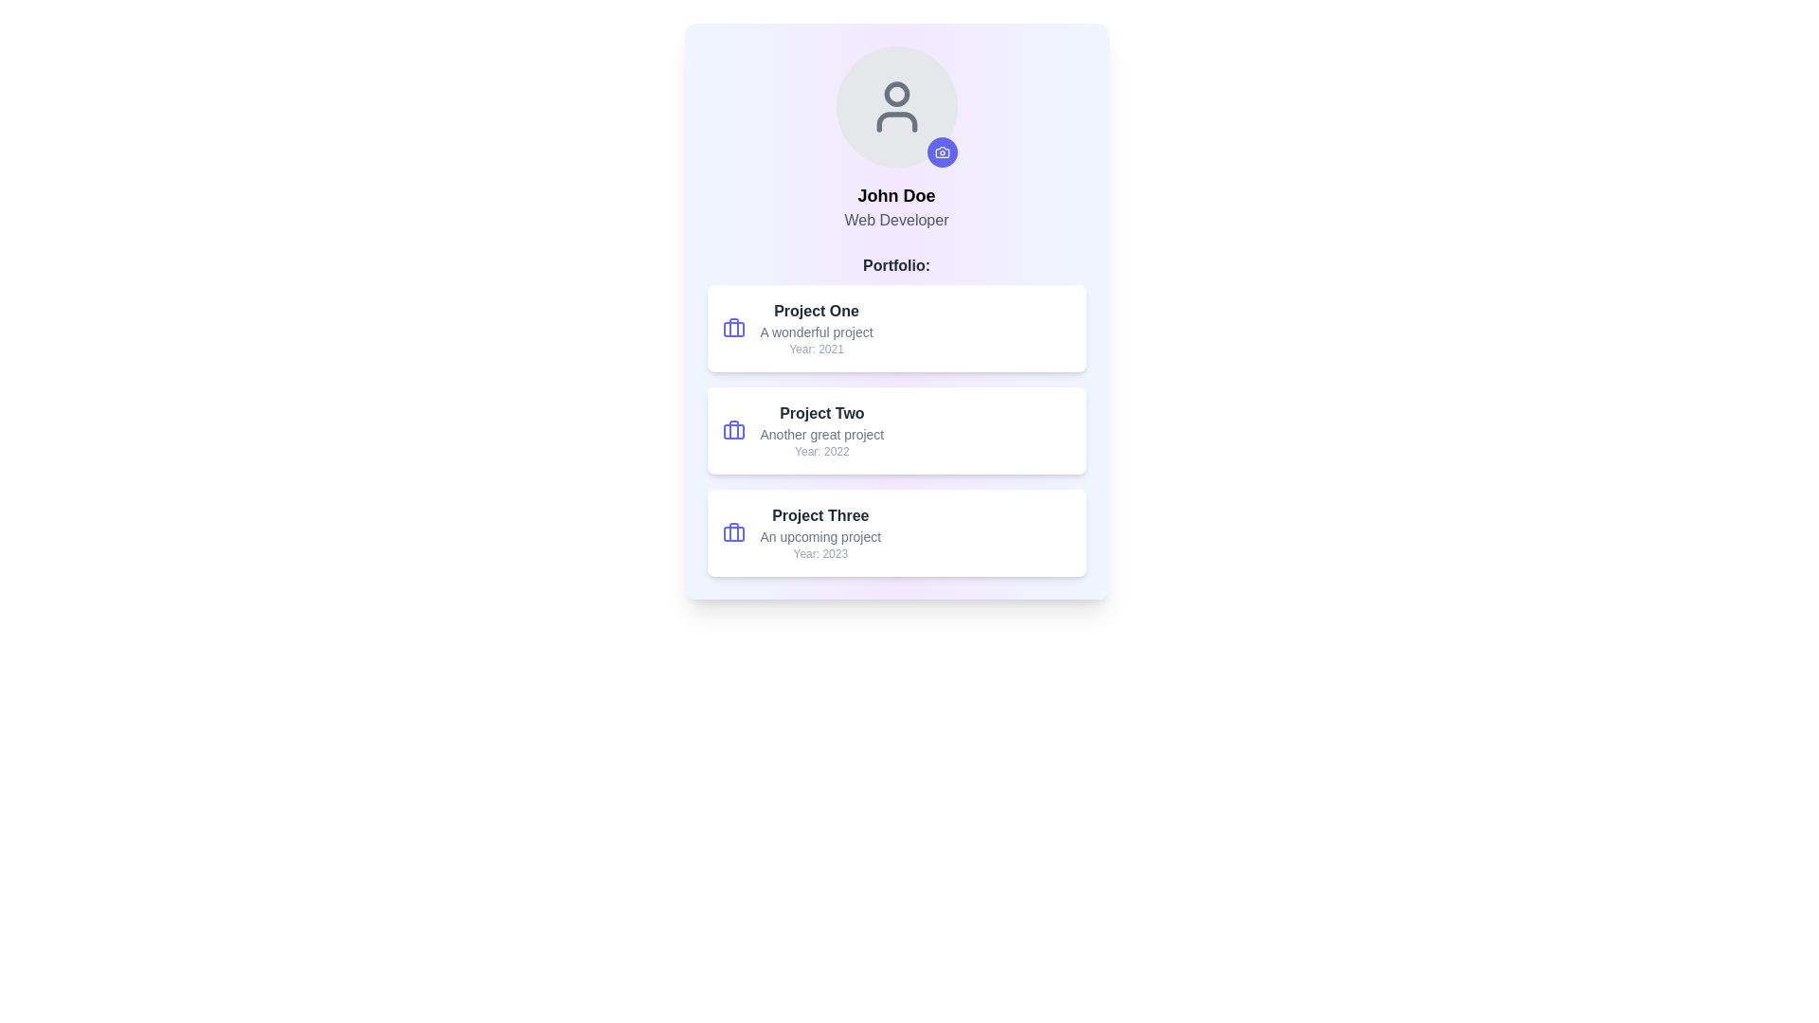 The image size is (1819, 1023). What do you see at coordinates (895, 196) in the screenshot?
I see `the Text Label displaying the user's name, located underneath the user icon and above the 'Web Developer' label` at bounding box center [895, 196].